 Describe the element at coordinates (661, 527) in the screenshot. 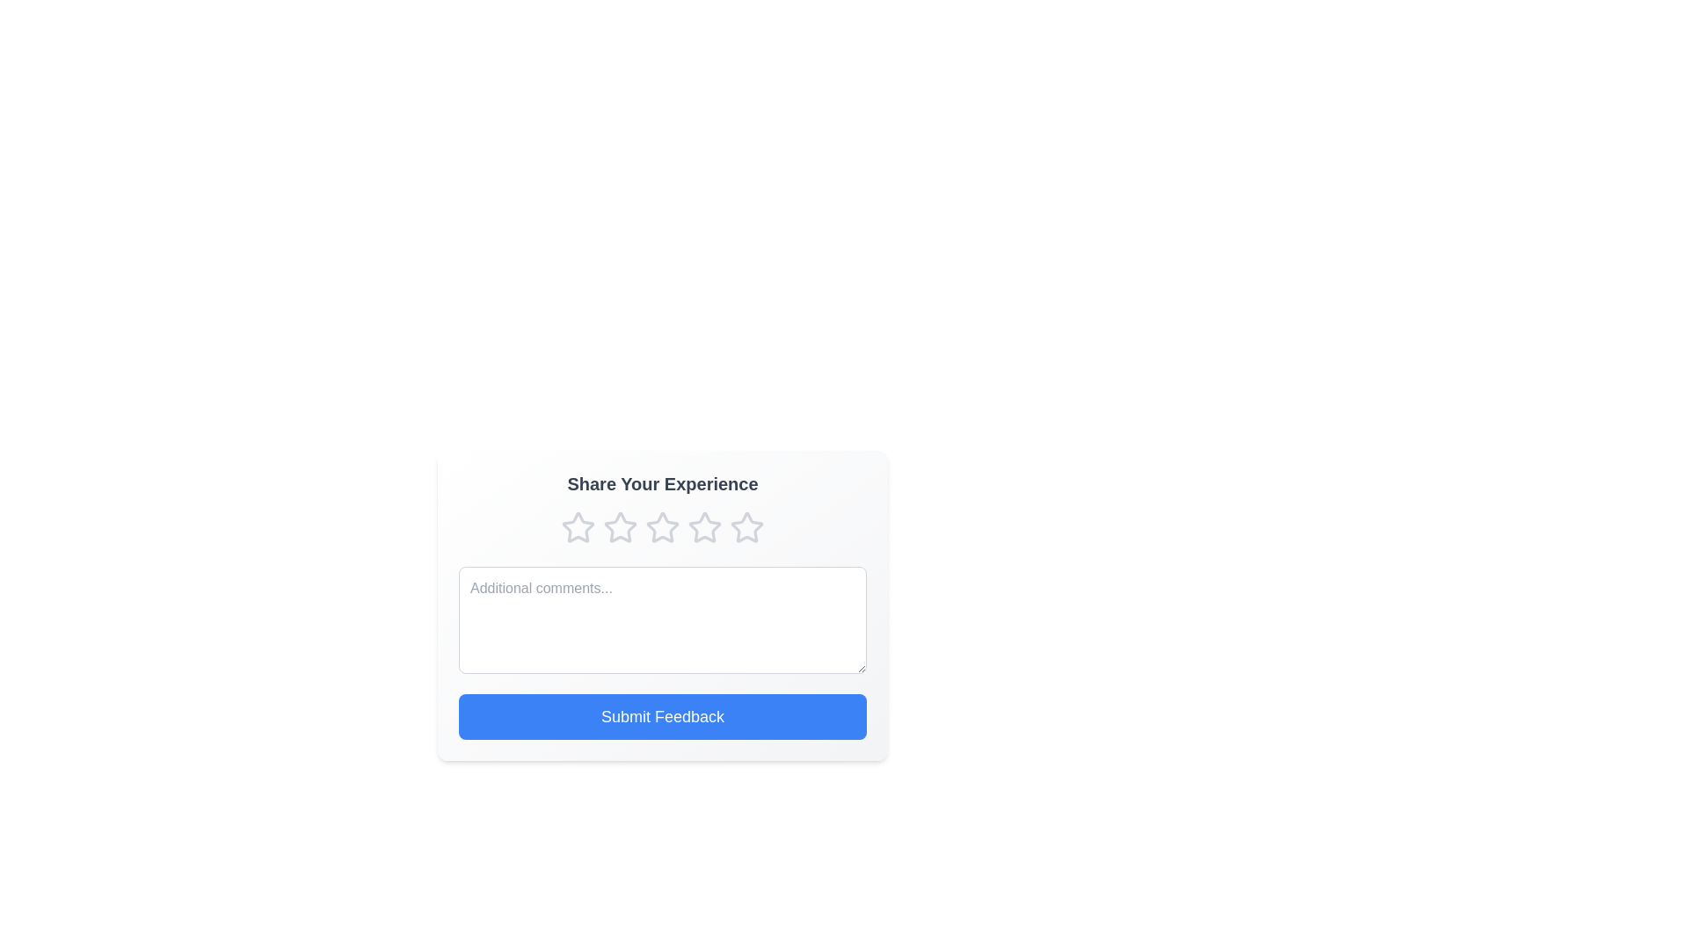

I see `the Star rating component located between the header 'Share Your Experience' and the text area 'Additional comments...'` at that location.